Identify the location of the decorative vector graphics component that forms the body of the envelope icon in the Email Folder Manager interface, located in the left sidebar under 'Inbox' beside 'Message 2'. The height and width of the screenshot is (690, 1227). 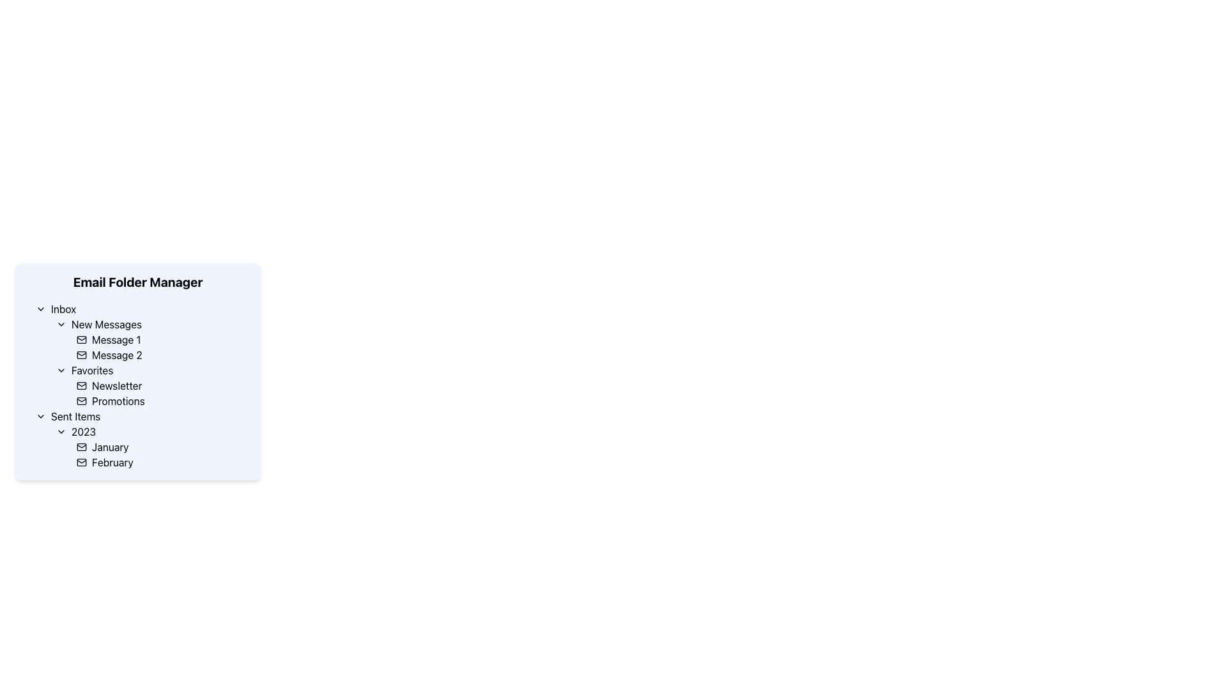
(81, 355).